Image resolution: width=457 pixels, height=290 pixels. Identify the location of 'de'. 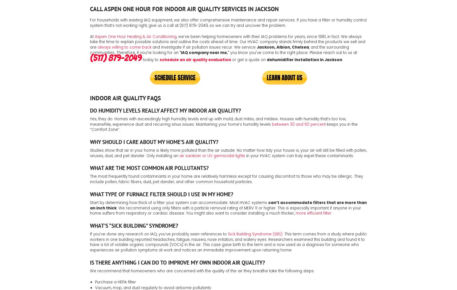
(269, 59).